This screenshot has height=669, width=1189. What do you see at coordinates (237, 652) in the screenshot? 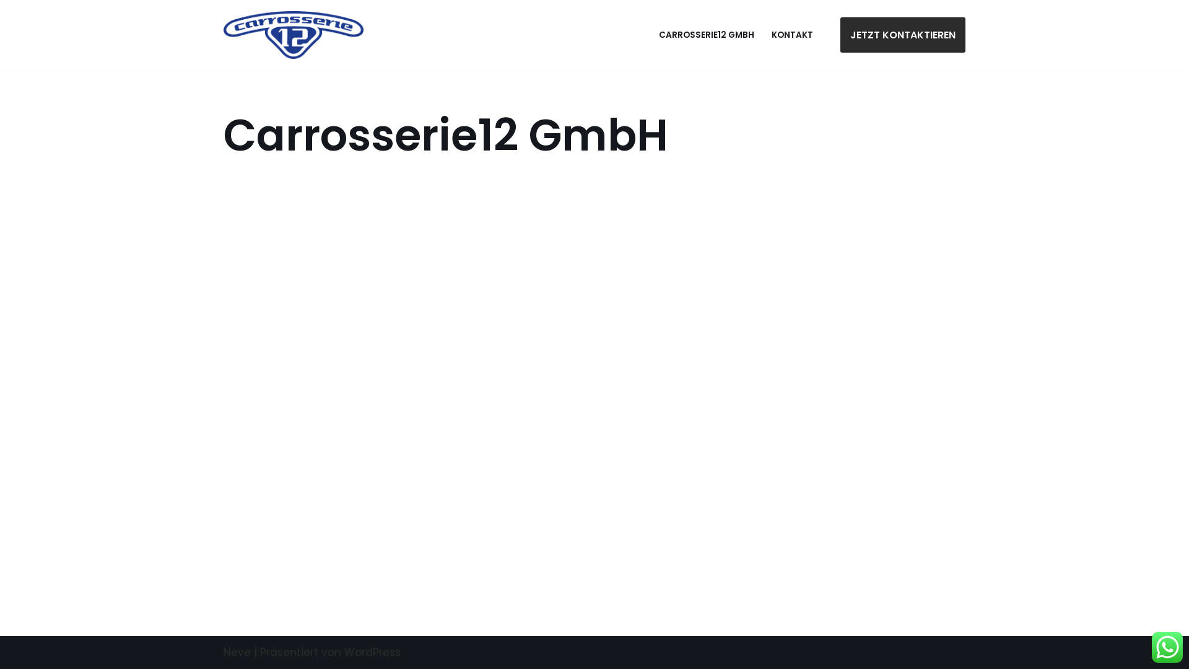
I see `'Neve'` at bounding box center [237, 652].